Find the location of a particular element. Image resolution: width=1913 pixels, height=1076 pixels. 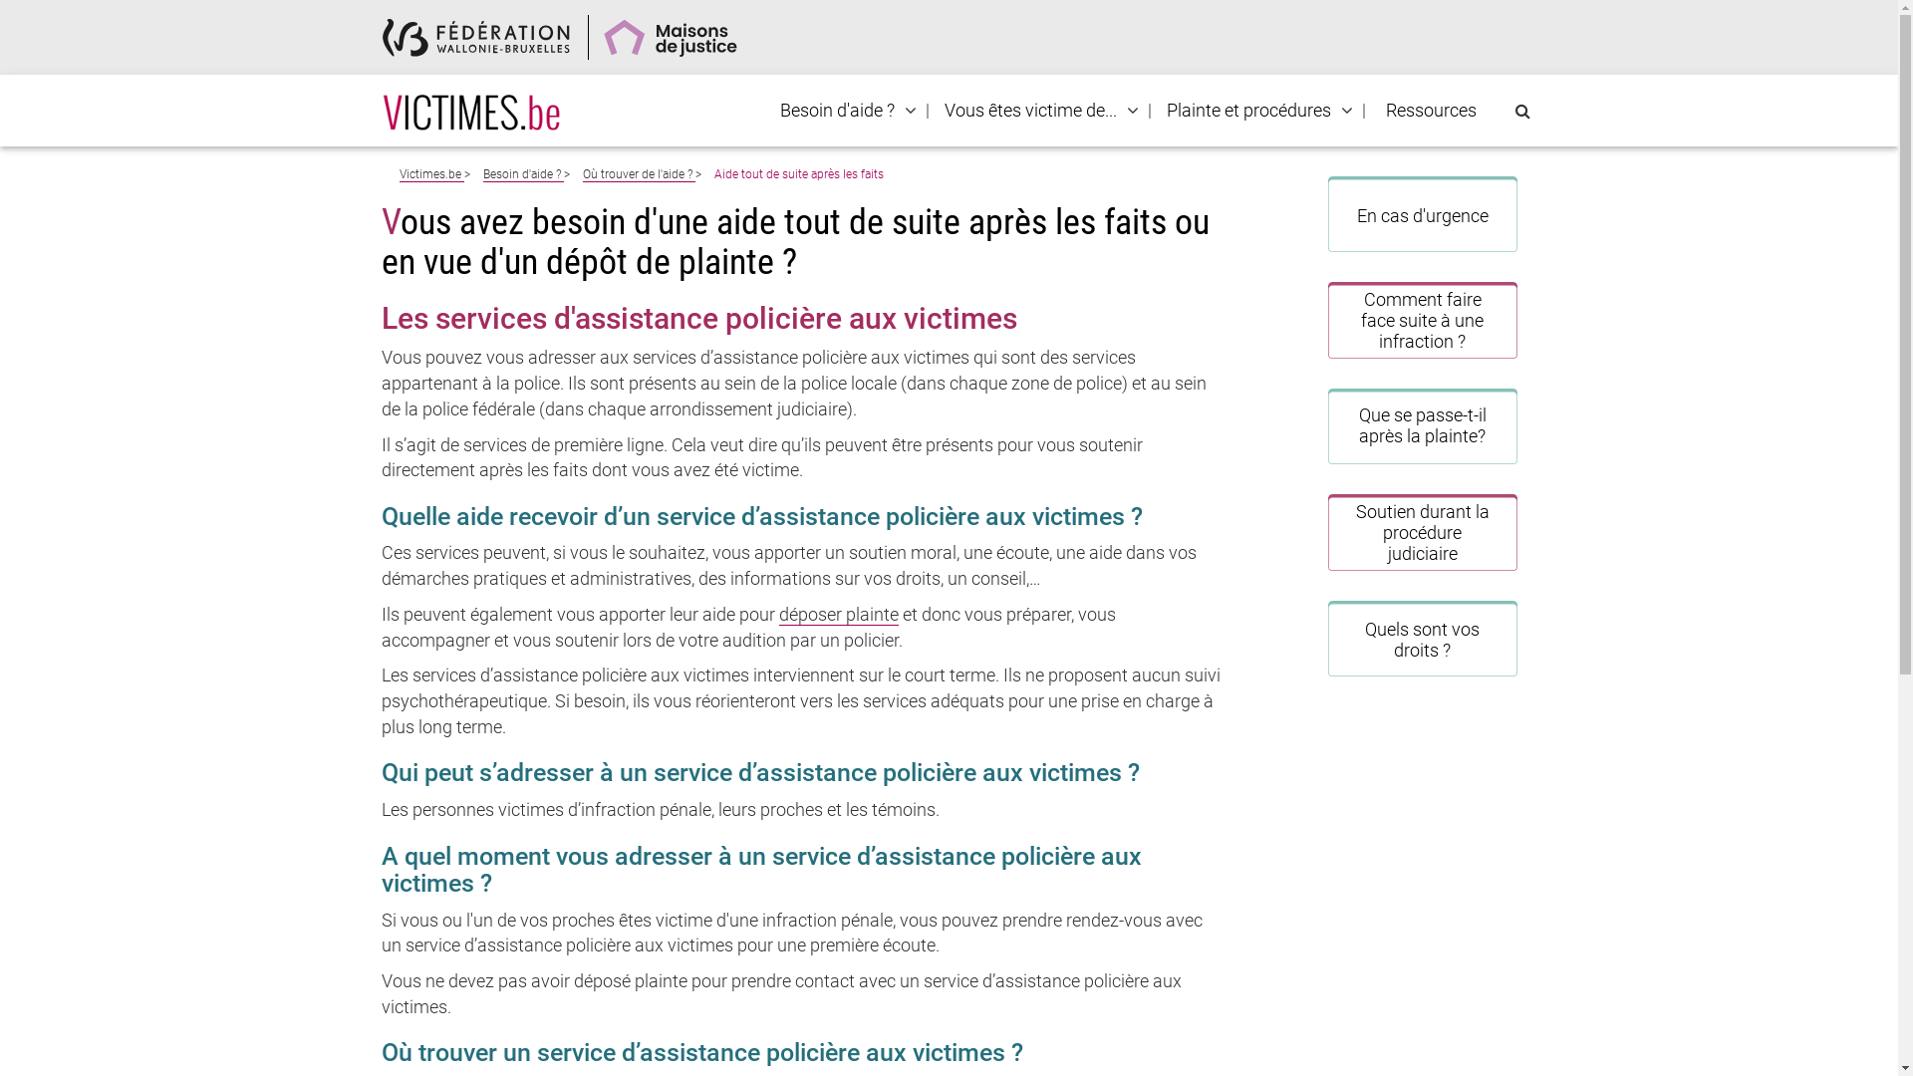

'Besoin d'aide ?' is located at coordinates (522, 173).